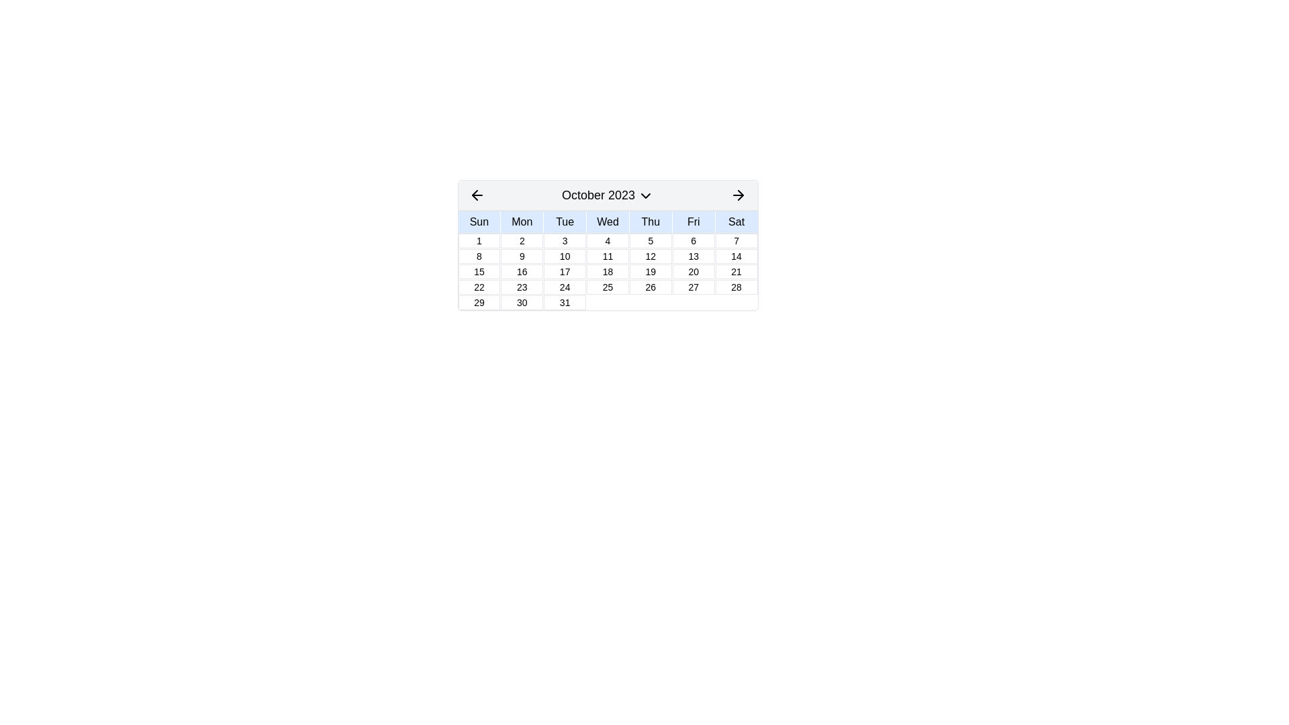 This screenshot has height=725, width=1289. I want to click on the calendar date item representing '3' of October 2023 located, so click(565, 240).